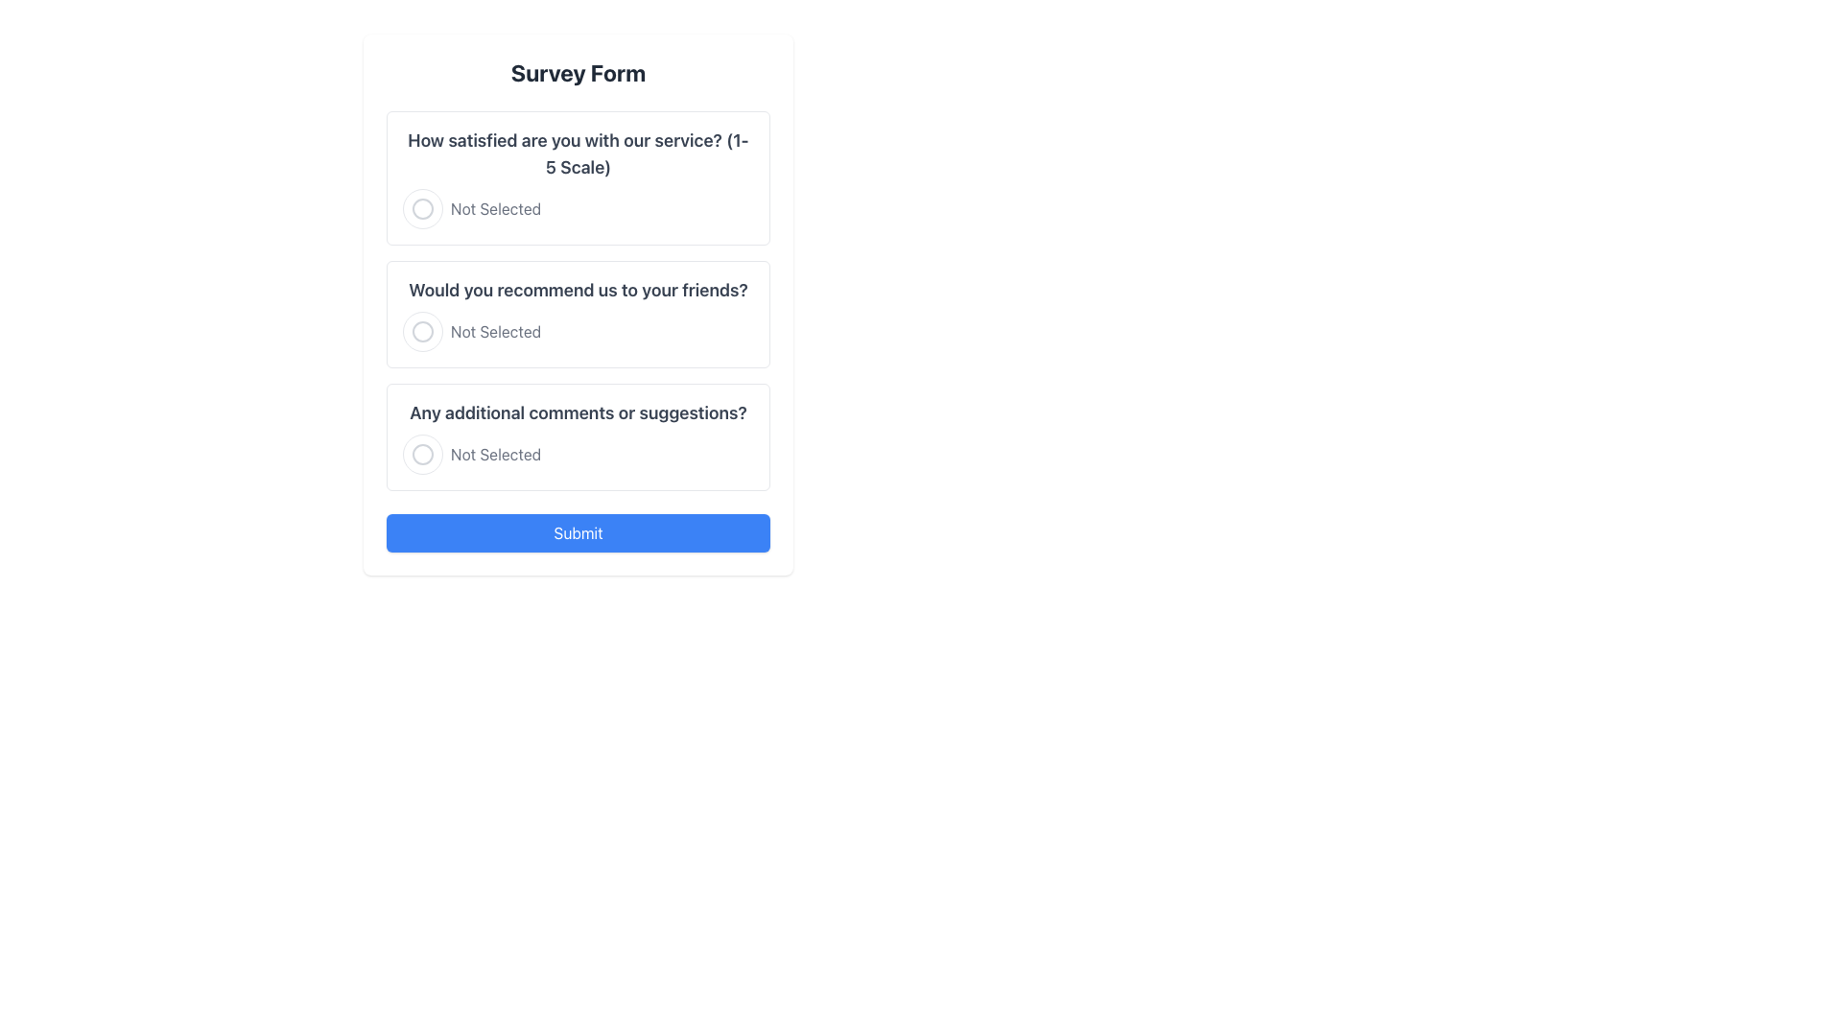 The image size is (1842, 1036). What do you see at coordinates (422, 331) in the screenshot?
I see `the radio button located before the label 'Not Selected' in the second question section of the survey` at bounding box center [422, 331].